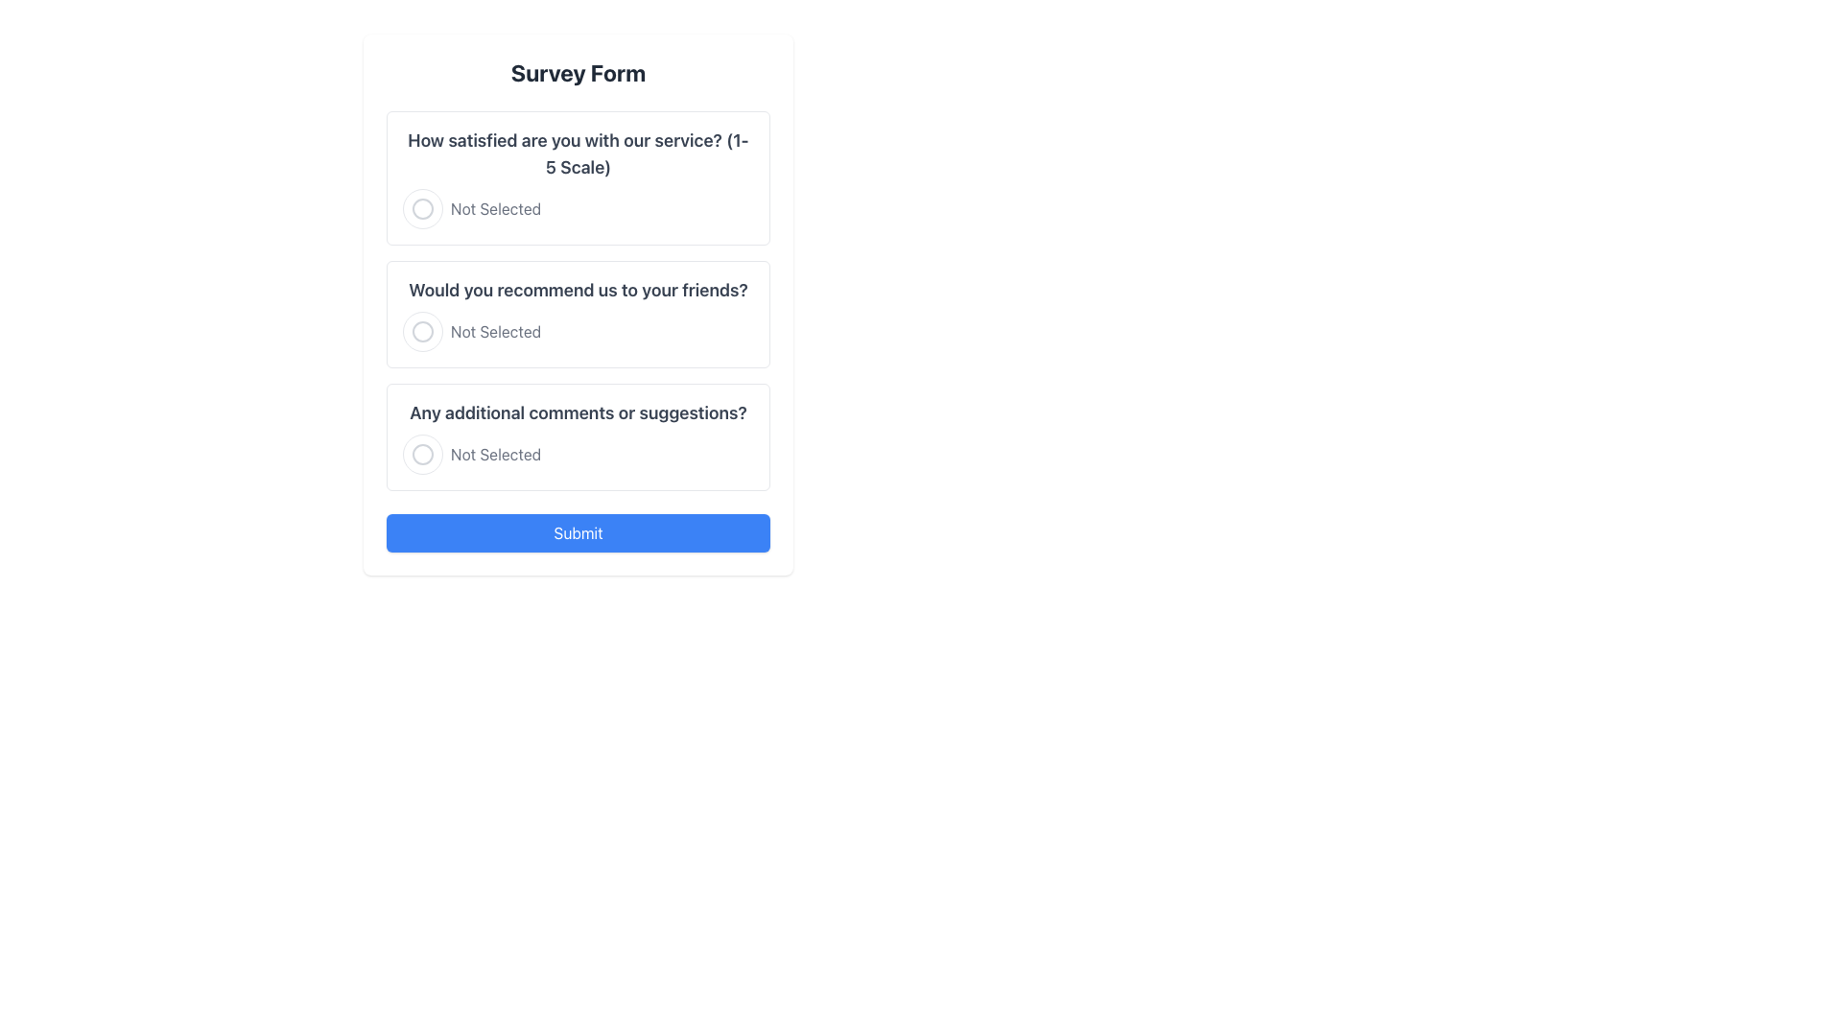 The image size is (1842, 1036). What do you see at coordinates (422, 331) in the screenshot?
I see `the radio button located before the label 'Not Selected' in the second question section of the survey` at bounding box center [422, 331].